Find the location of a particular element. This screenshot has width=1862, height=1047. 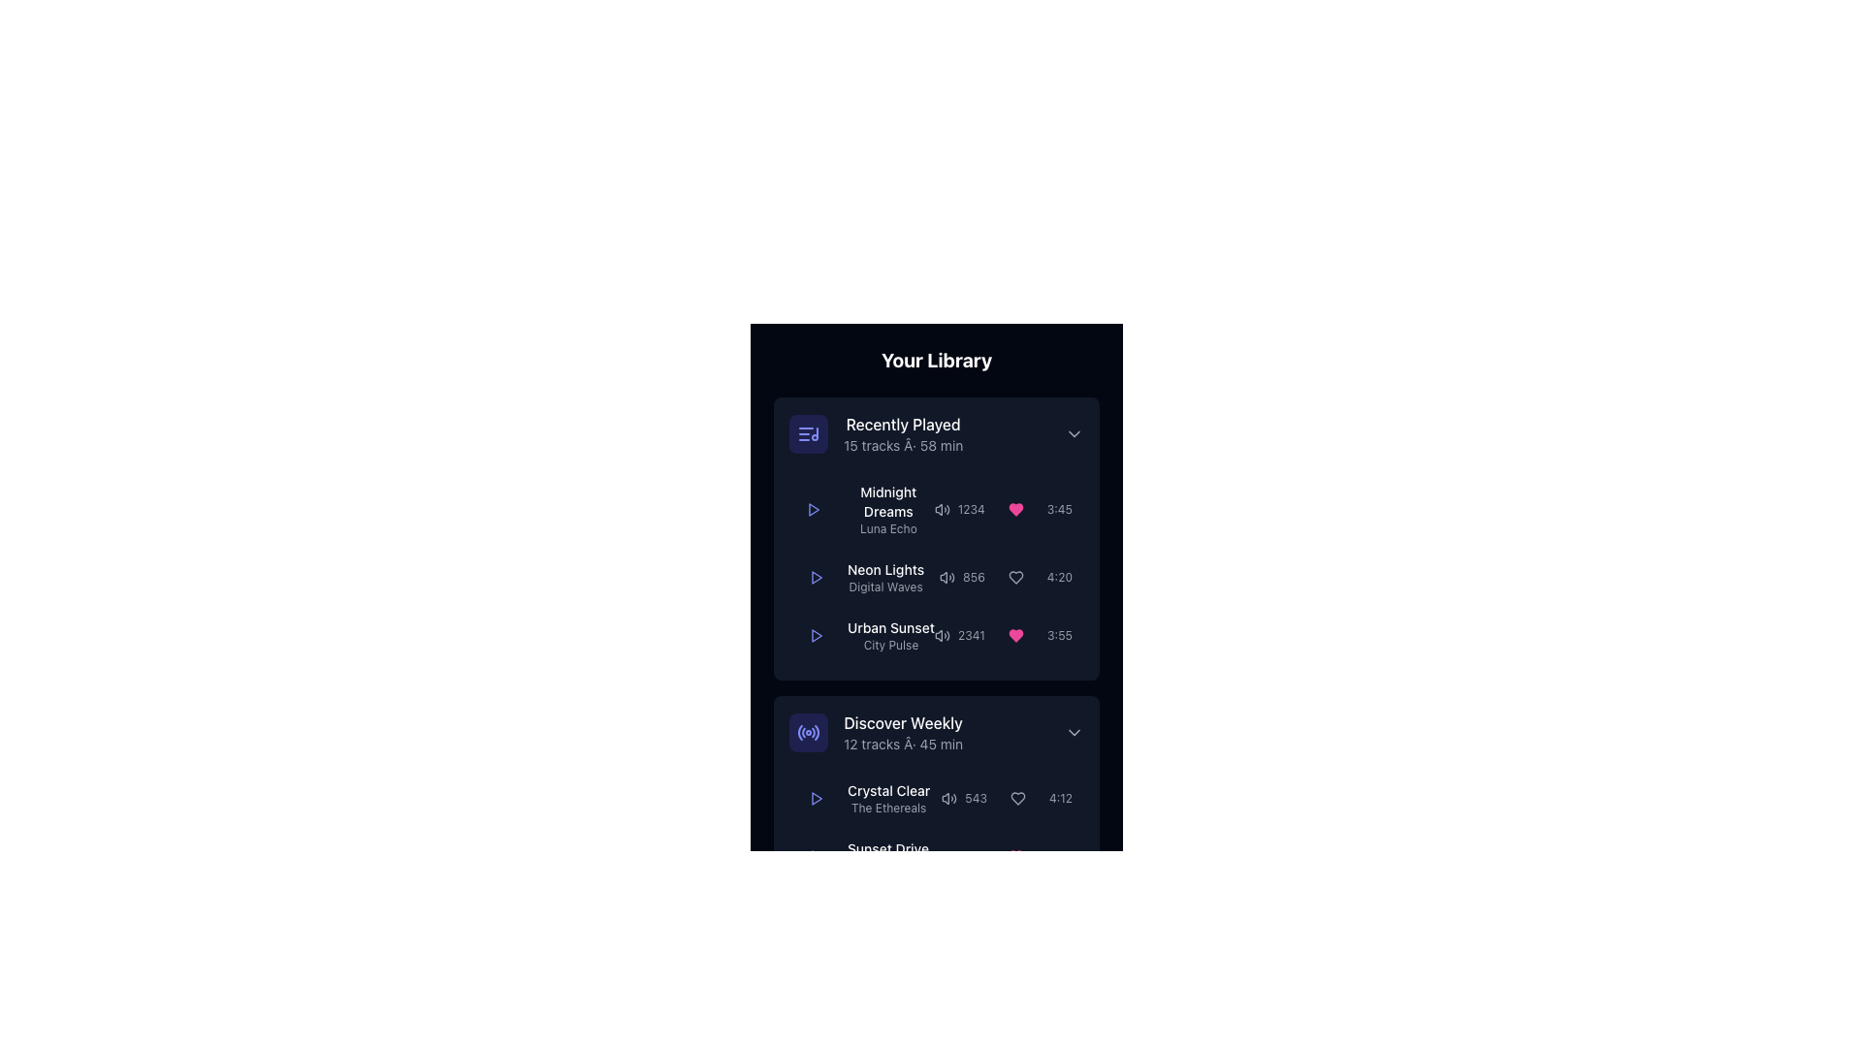

the Label with the small speaker icon displaying the number '543' located in the 'Discover Weekly' section, next to the 'Crystal Clear' track details, to associate the number with the corresponding track is located at coordinates (964, 799).